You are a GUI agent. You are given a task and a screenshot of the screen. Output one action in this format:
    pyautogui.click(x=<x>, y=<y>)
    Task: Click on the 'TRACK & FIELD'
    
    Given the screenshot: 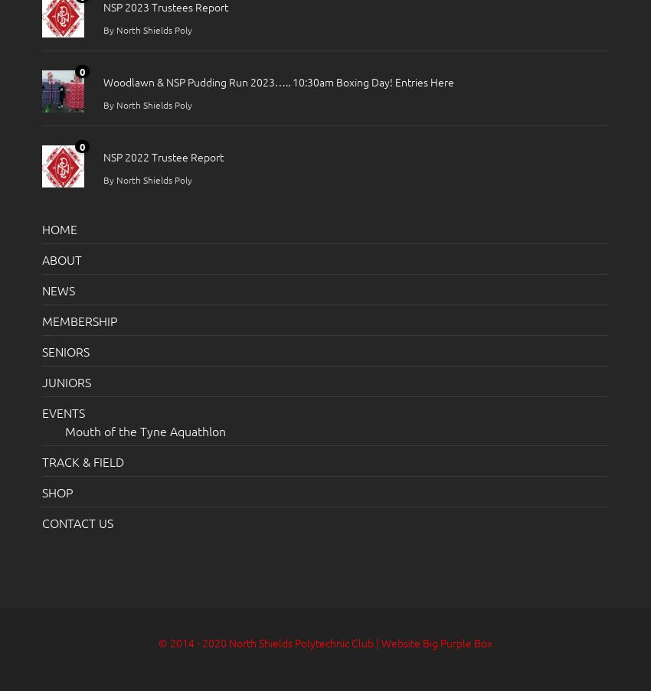 What is the action you would take?
    pyautogui.click(x=82, y=461)
    